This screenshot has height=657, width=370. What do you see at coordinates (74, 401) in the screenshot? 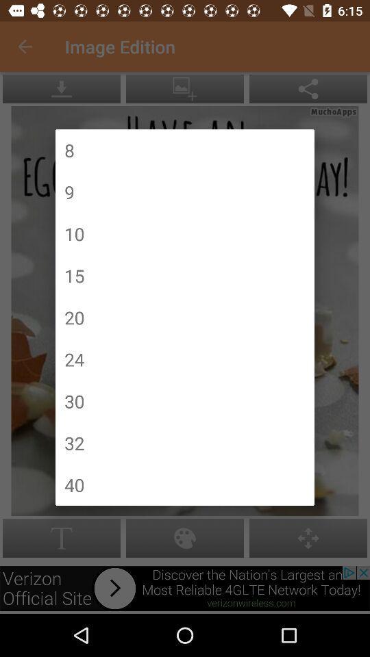
I see `icon above the 32 item` at bounding box center [74, 401].